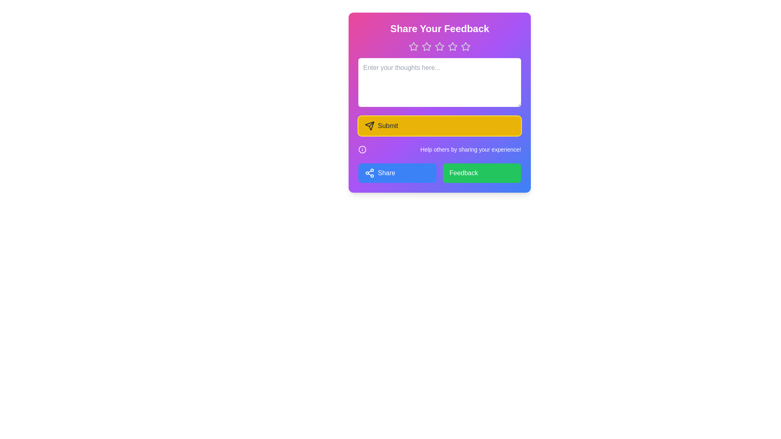  What do you see at coordinates (414, 47) in the screenshot?
I see `the leftmost star-shaped rating icon in the feedback form panel` at bounding box center [414, 47].